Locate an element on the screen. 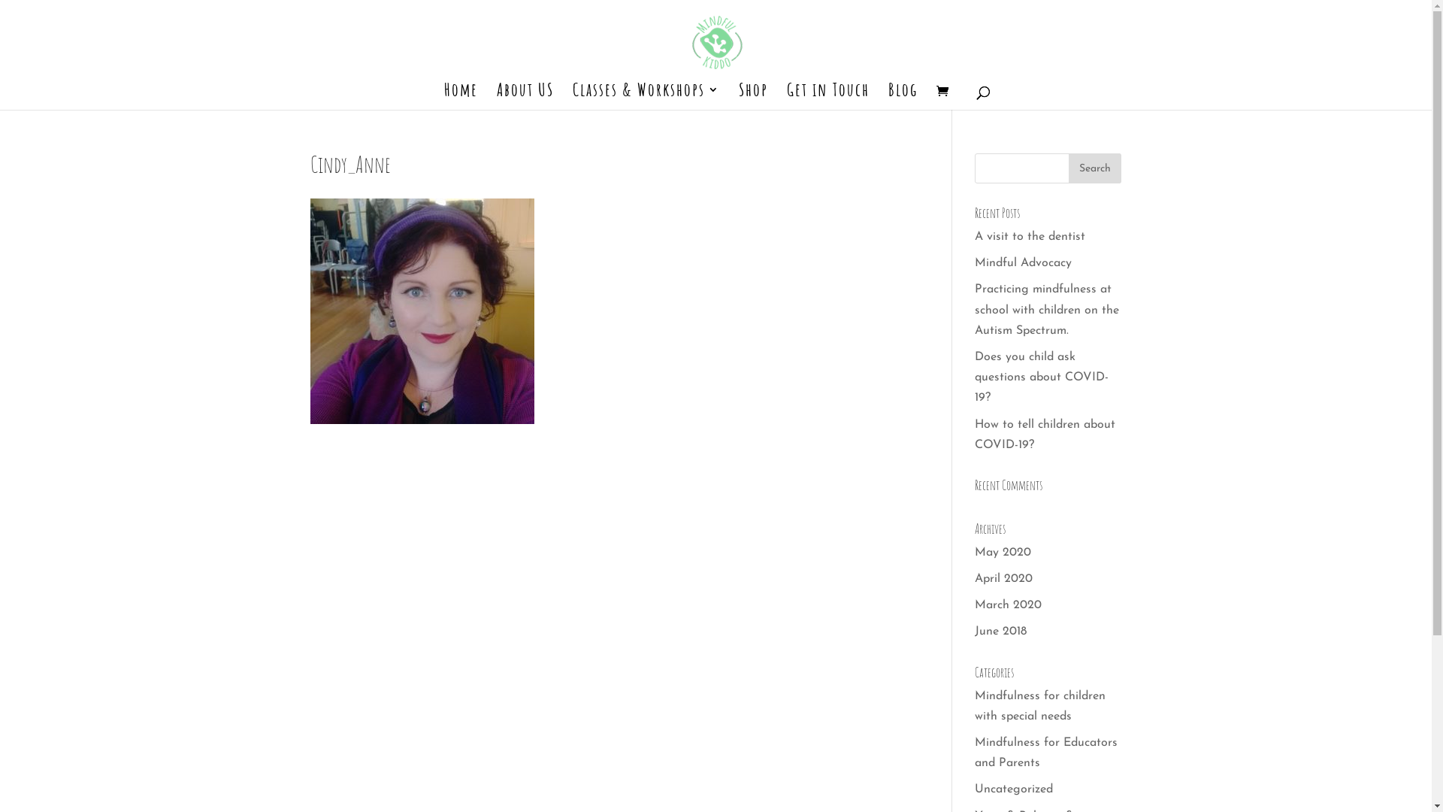  'Mindful Advocacy' is located at coordinates (974, 262).